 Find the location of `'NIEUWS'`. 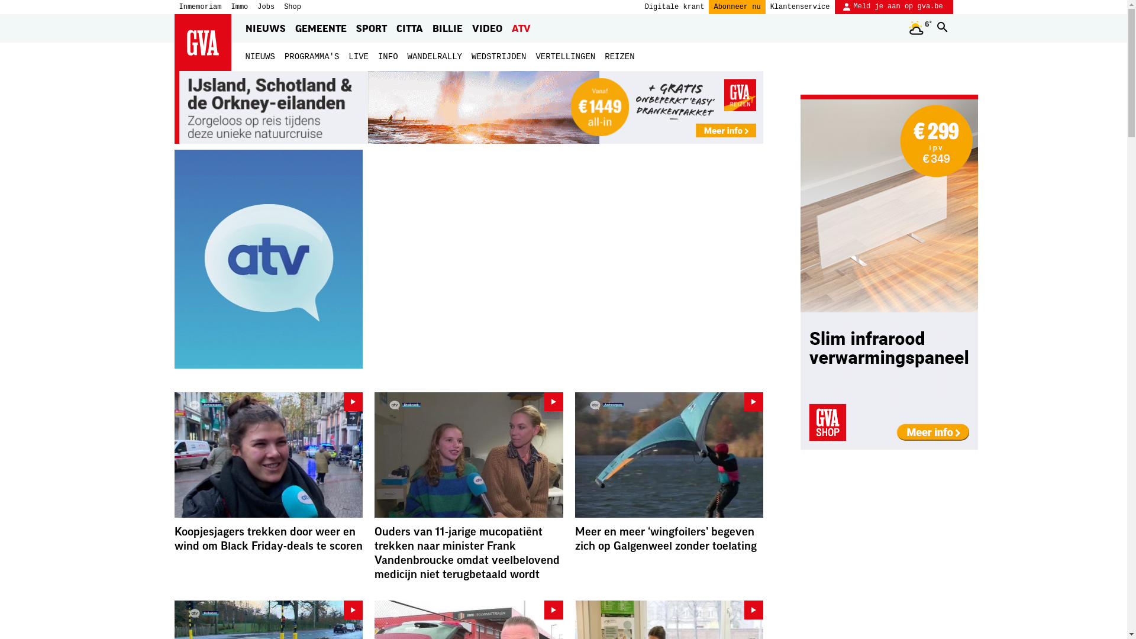

'NIEUWS' is located at coordinates (259, 57).